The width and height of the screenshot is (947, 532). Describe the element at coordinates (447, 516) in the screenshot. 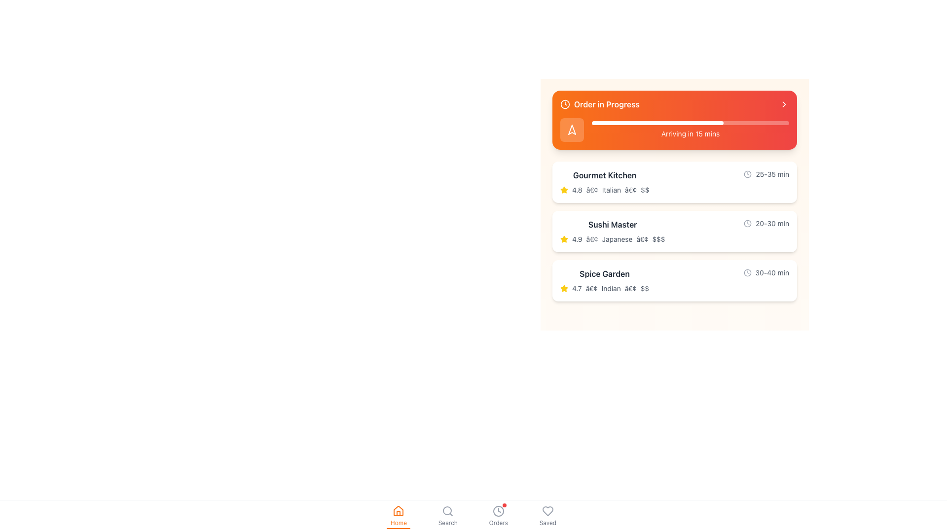

I see `the search icon button with the label 'Search' located in the bottom navigation bar` at that location.